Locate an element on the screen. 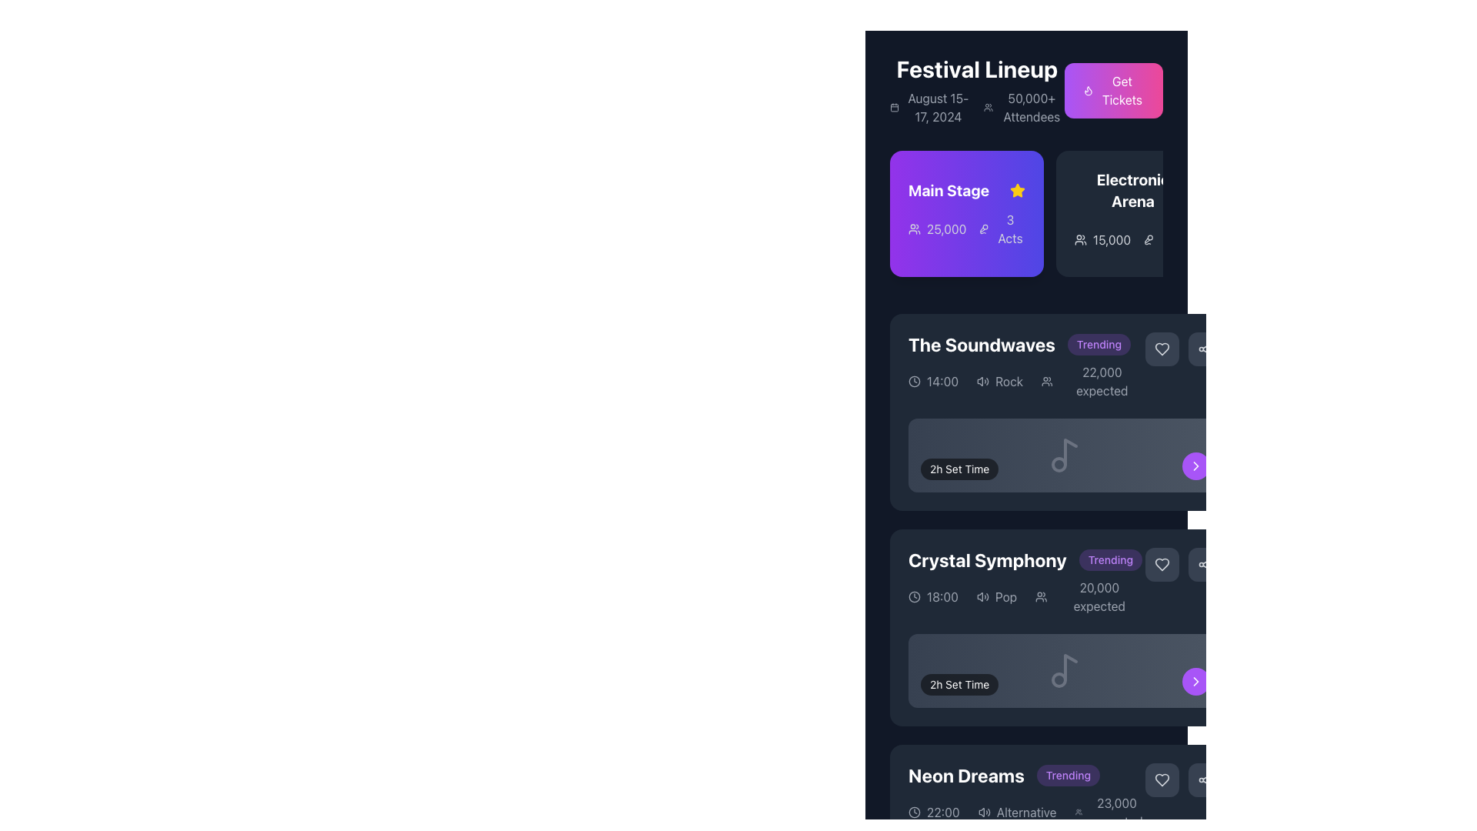  the decorative musical icon associated with the 'Crystal Symphony' event, positioned near the right side of the '2h Set Time' label is located at coordinates (1064, 669).